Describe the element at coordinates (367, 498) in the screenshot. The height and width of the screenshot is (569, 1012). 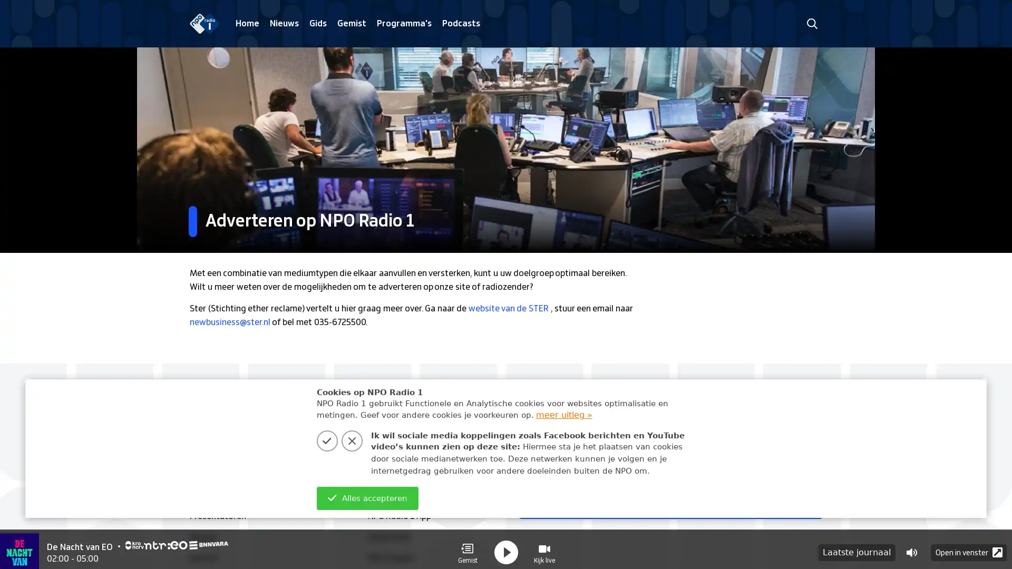
I see `Alles accepteren` at that location.